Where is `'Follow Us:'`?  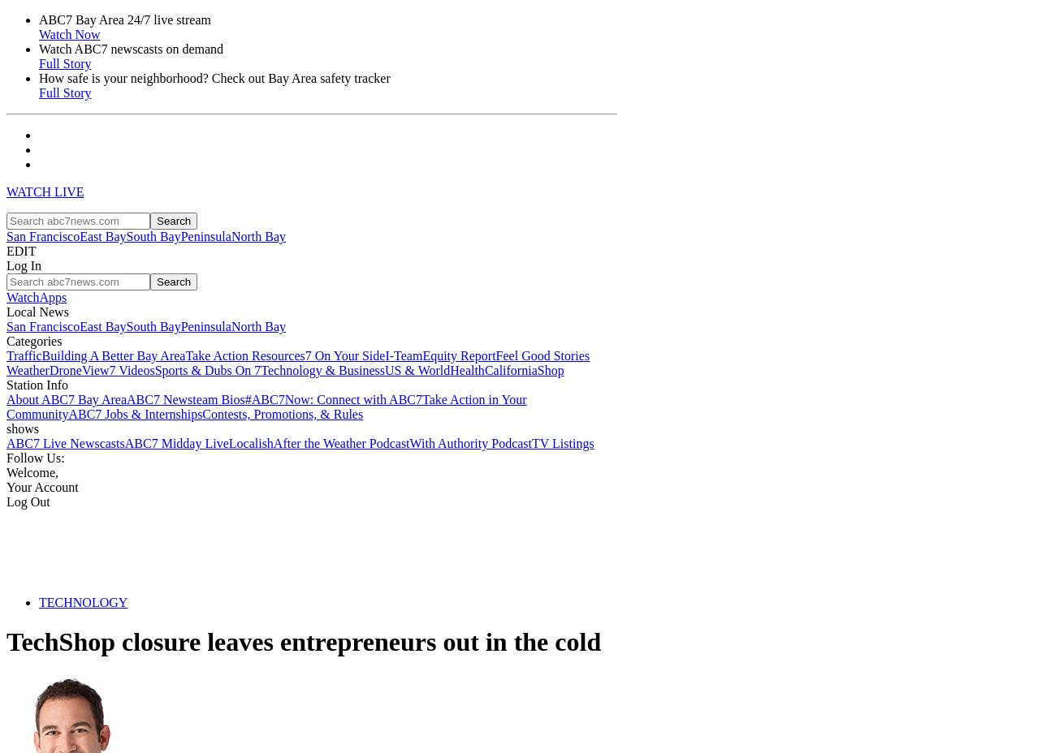
'Follow Us:' is located at coordinates (35, 457).